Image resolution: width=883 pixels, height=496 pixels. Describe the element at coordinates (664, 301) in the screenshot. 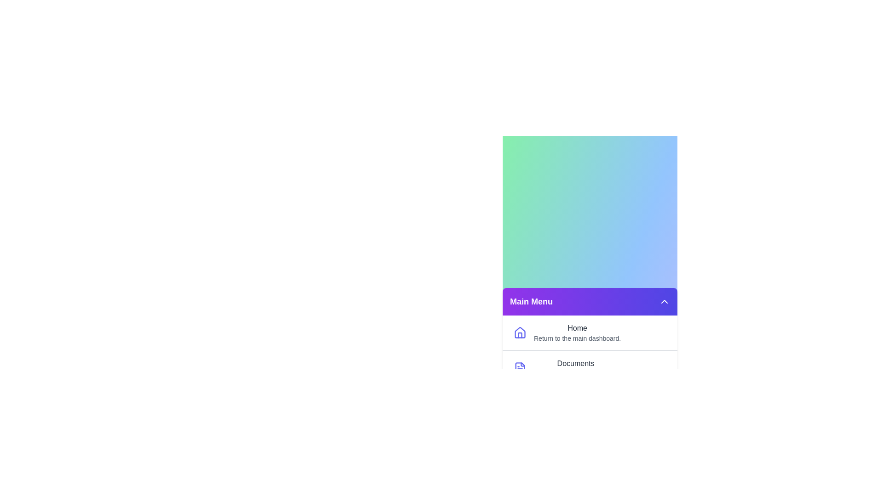

I see `toggle button to expand or collapse the menu` at that location.